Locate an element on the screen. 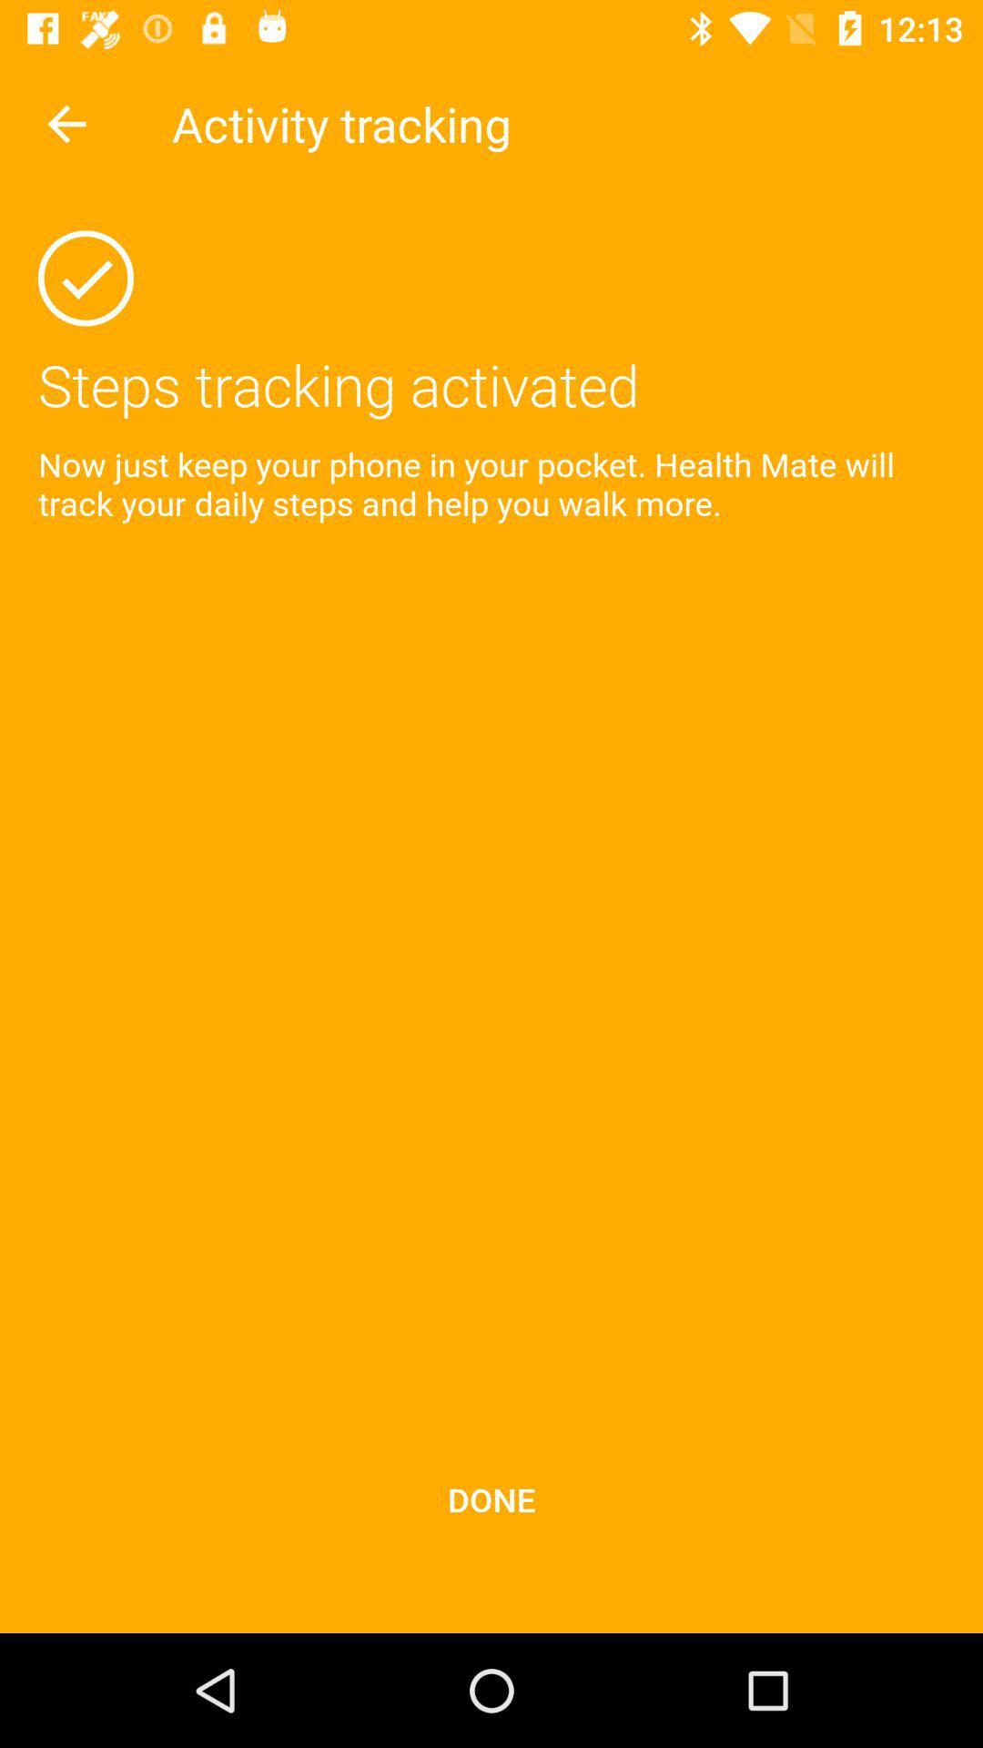 The image size is (983, 1748). undo button is located at coordinates (66, 123).